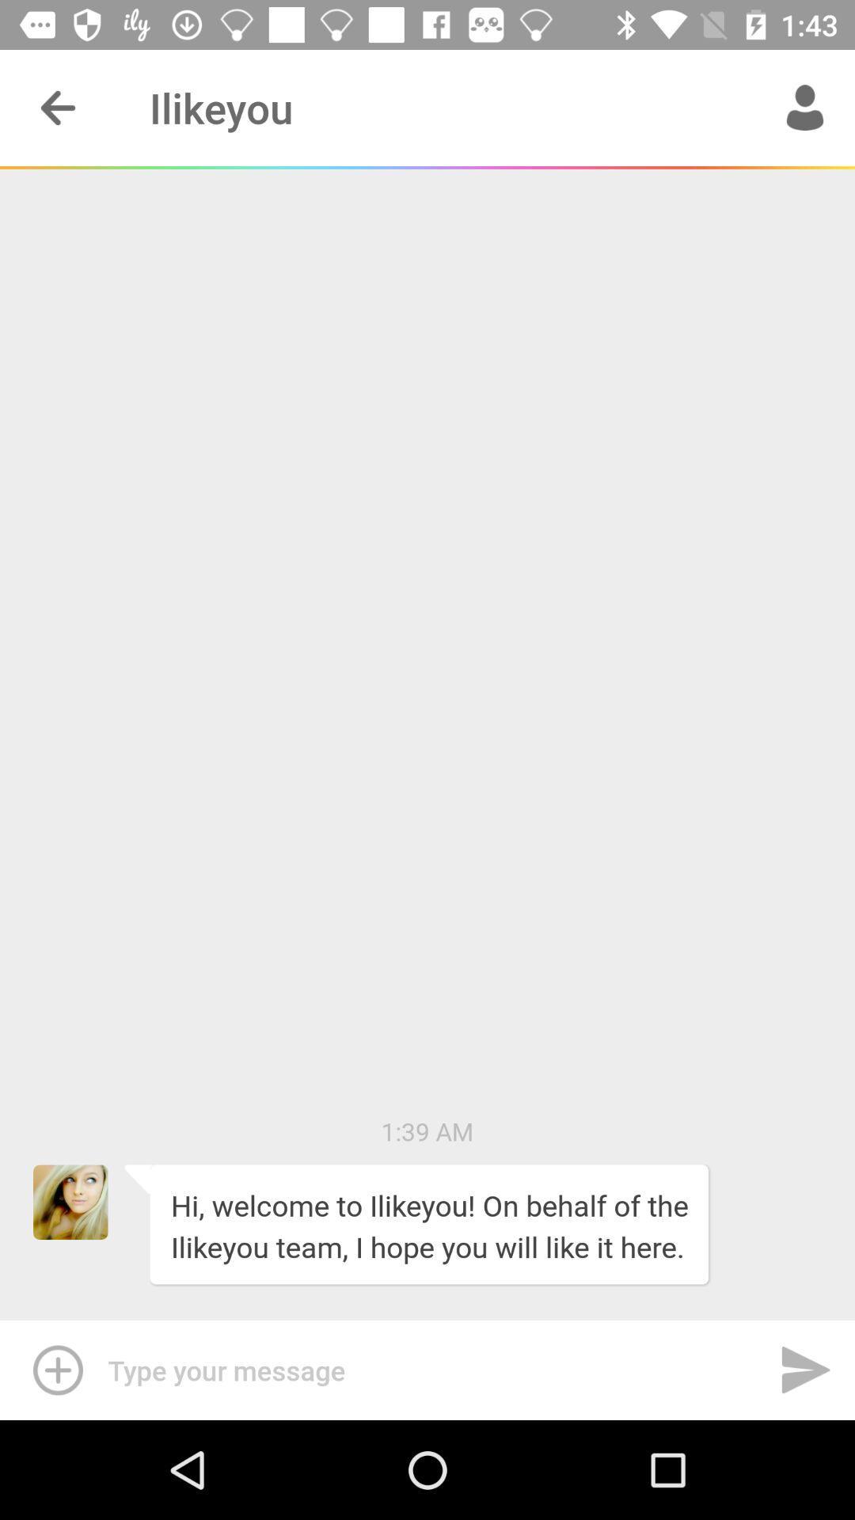 The height and width of the screenshot is (1520, 855). What do you see at coordinates (53, 1370) in the screenshot?
I see `the add icon` at bounding box center [53, 1370].